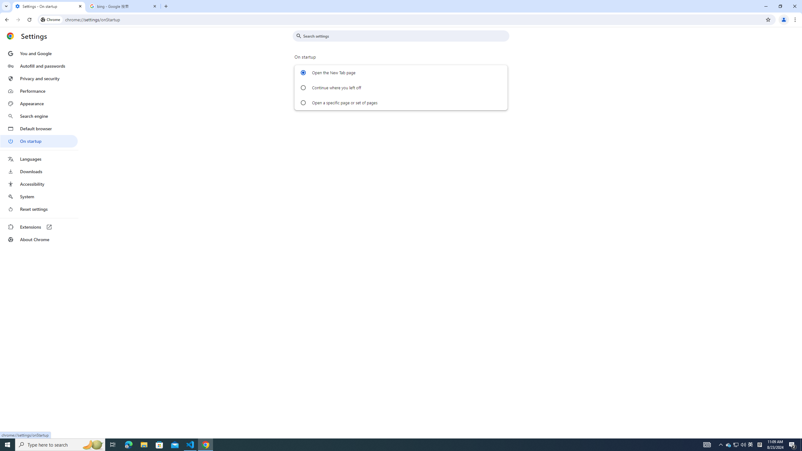 The width and height of the screenshot is (802, 451). I want to click on 'Autofill and passwords', so click(39, 66).